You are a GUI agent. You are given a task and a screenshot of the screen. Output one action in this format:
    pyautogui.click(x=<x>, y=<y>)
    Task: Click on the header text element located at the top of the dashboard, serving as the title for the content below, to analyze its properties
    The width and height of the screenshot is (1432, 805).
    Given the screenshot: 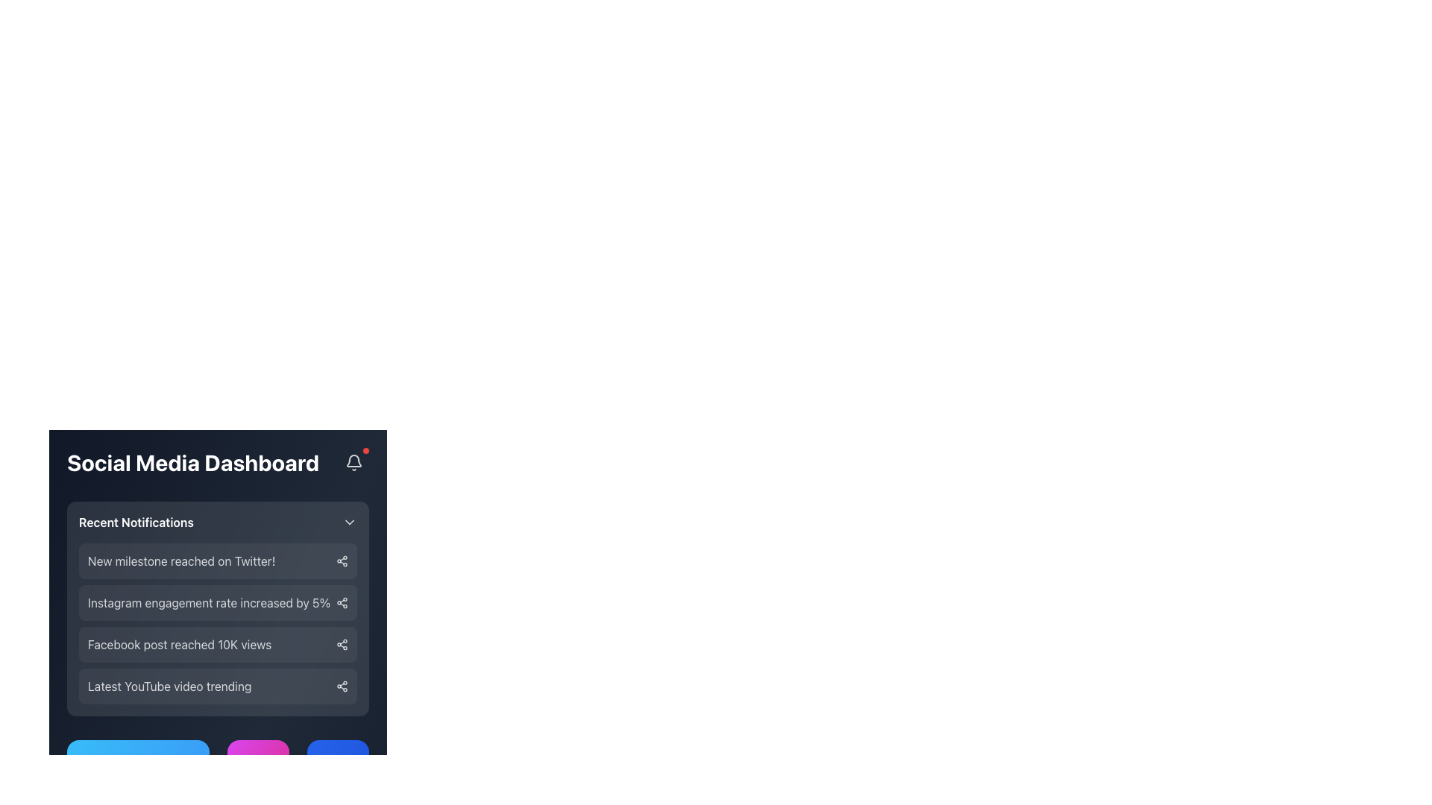 What is the action you would take?
    pyautogui.click(x=192, y=462)
    